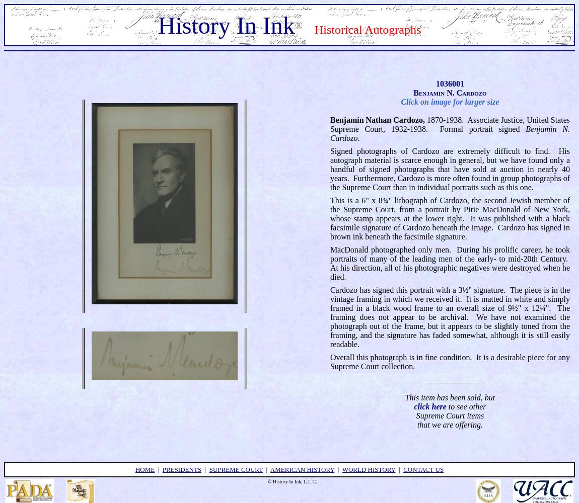 The image size is (579, 503). What do you see at coordinates (226, 25) in the screenshot?
I see `'History In Ink'` at bounding box center [226, 25].